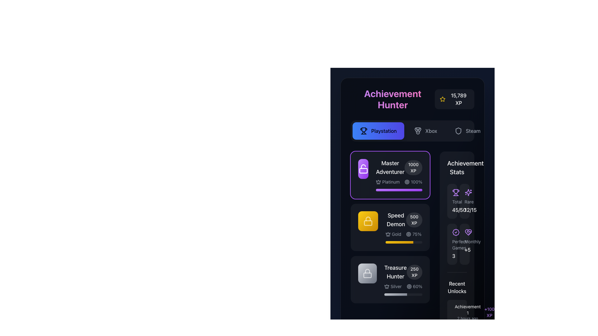 This screenshot has width=598, height=336. Describe the element at coordinates (368, 221) in the screenshot. I see `the lock icon, which features a yellow and gold gradient with a rounded padlock outline, located in the middle segment of the interface` at that location.